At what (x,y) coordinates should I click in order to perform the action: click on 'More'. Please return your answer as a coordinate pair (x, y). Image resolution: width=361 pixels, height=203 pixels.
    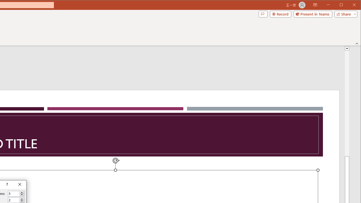
    Looking at the image, I should click on (22, 198).